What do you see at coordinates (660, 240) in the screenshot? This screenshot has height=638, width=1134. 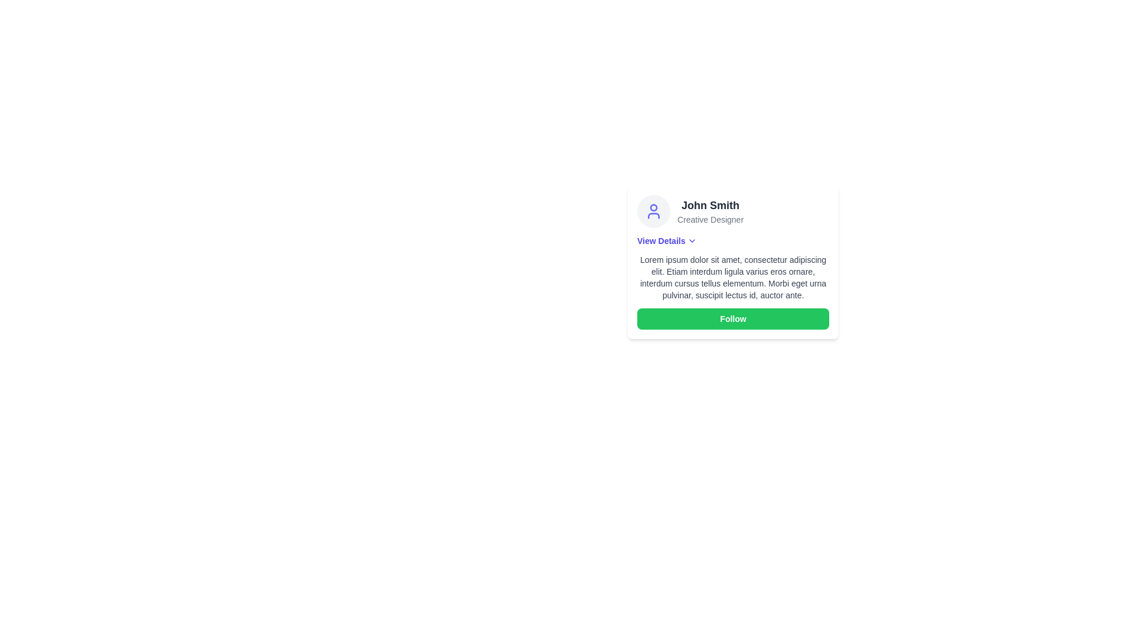 I see `the bold blue text label 'View Details'` at bounding box center [660, 240].